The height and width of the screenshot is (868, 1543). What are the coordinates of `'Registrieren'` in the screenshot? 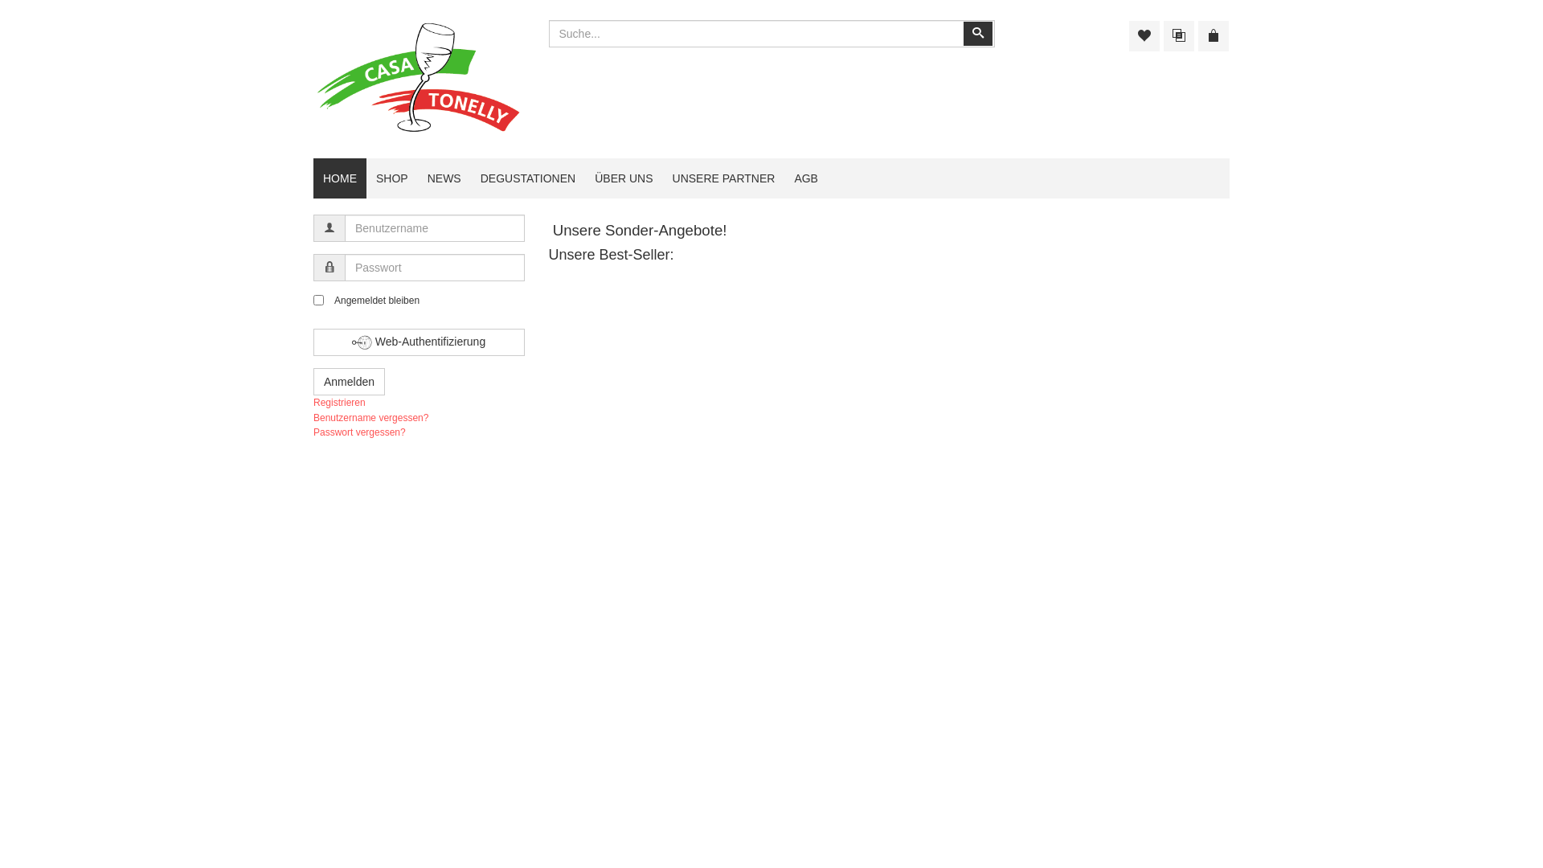 It's located at (313, 402).